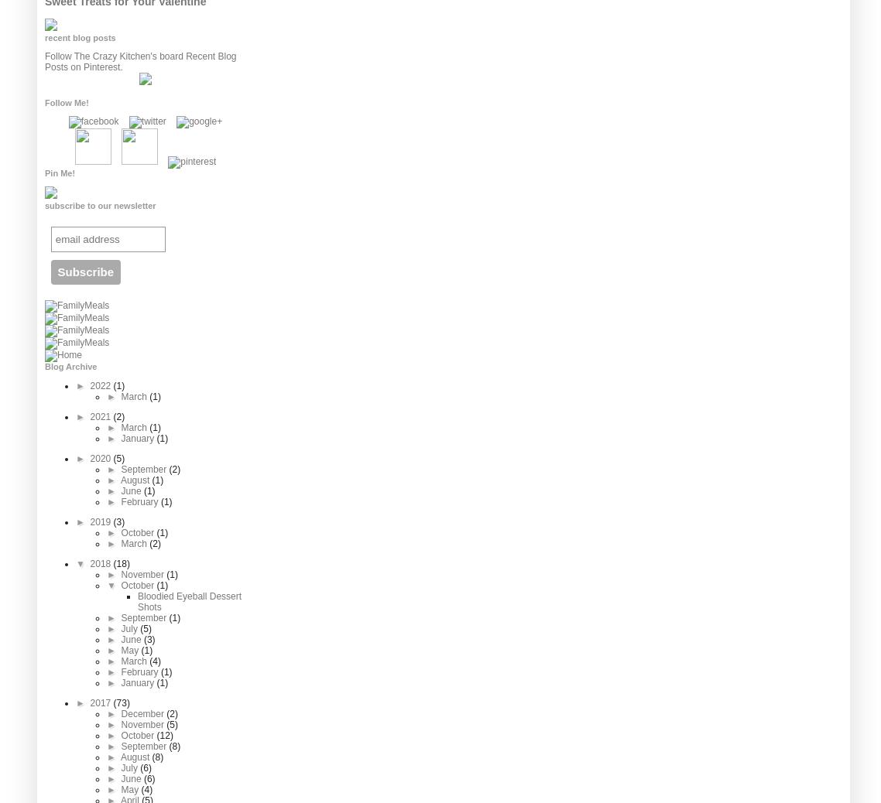 This screenshot has height=803, width=881. Describe the element at coordinates (101, 521) in the screenshot. I see `'2019'` at that location.